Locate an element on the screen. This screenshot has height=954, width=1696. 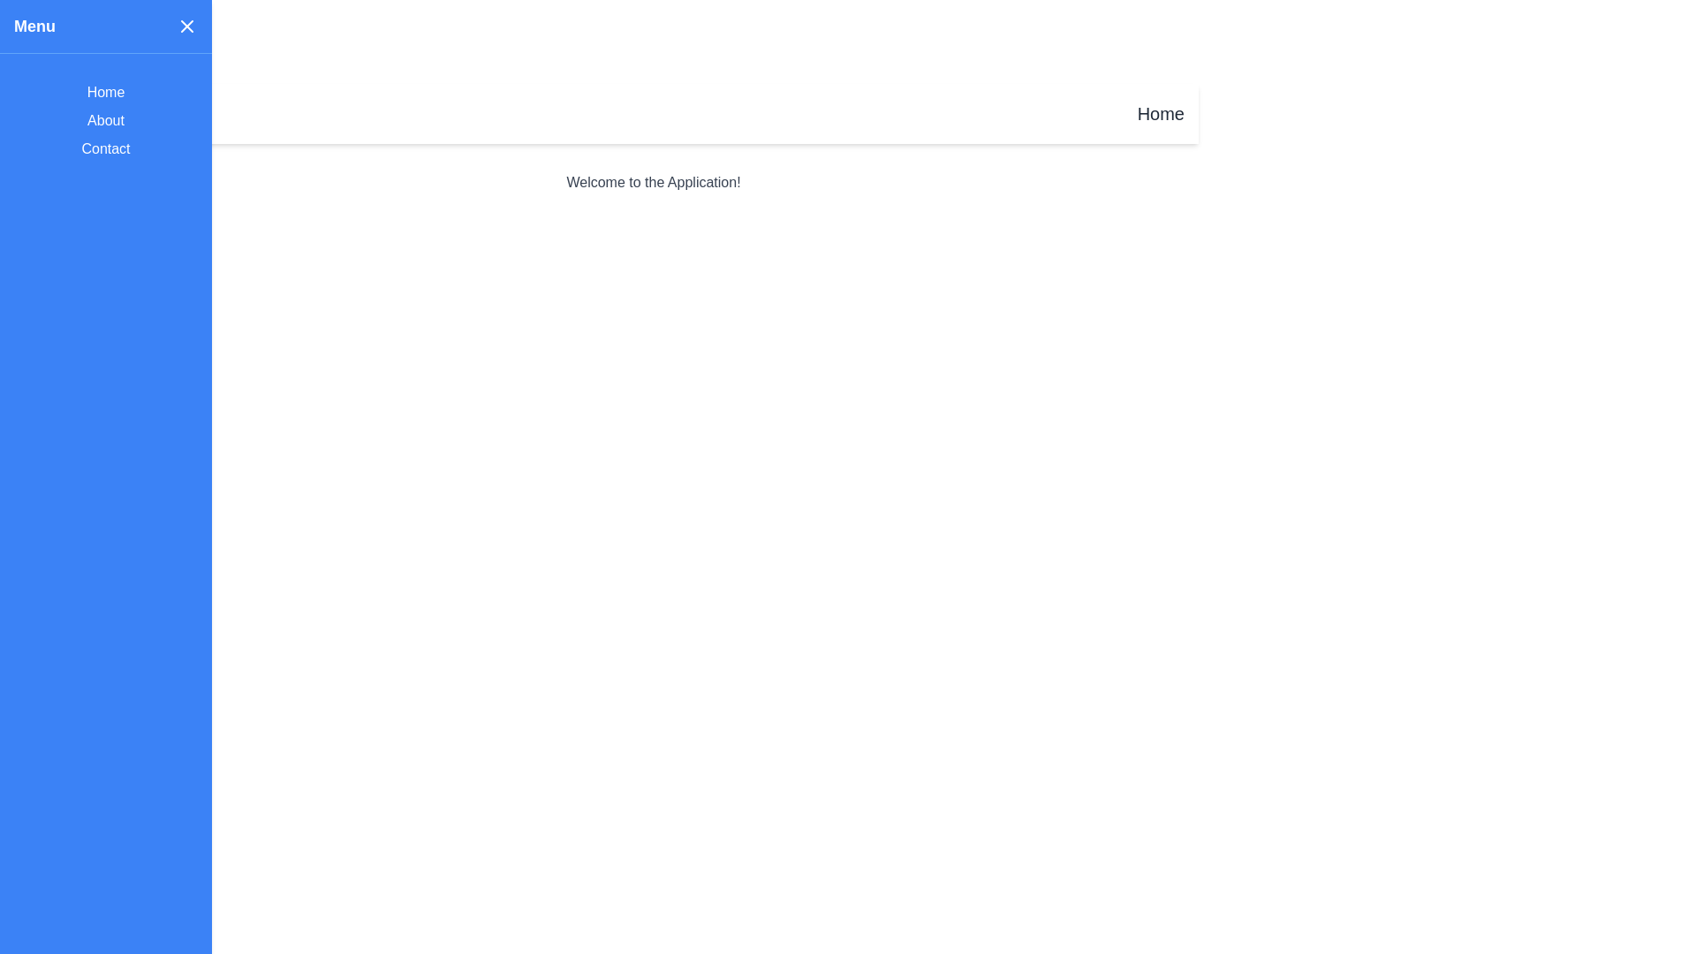
the Interactive Text Link located in the navigation menu, positioned below the 'About' button, to initiate navigation to the 'Contact' section is located at coordinates (105, 148).